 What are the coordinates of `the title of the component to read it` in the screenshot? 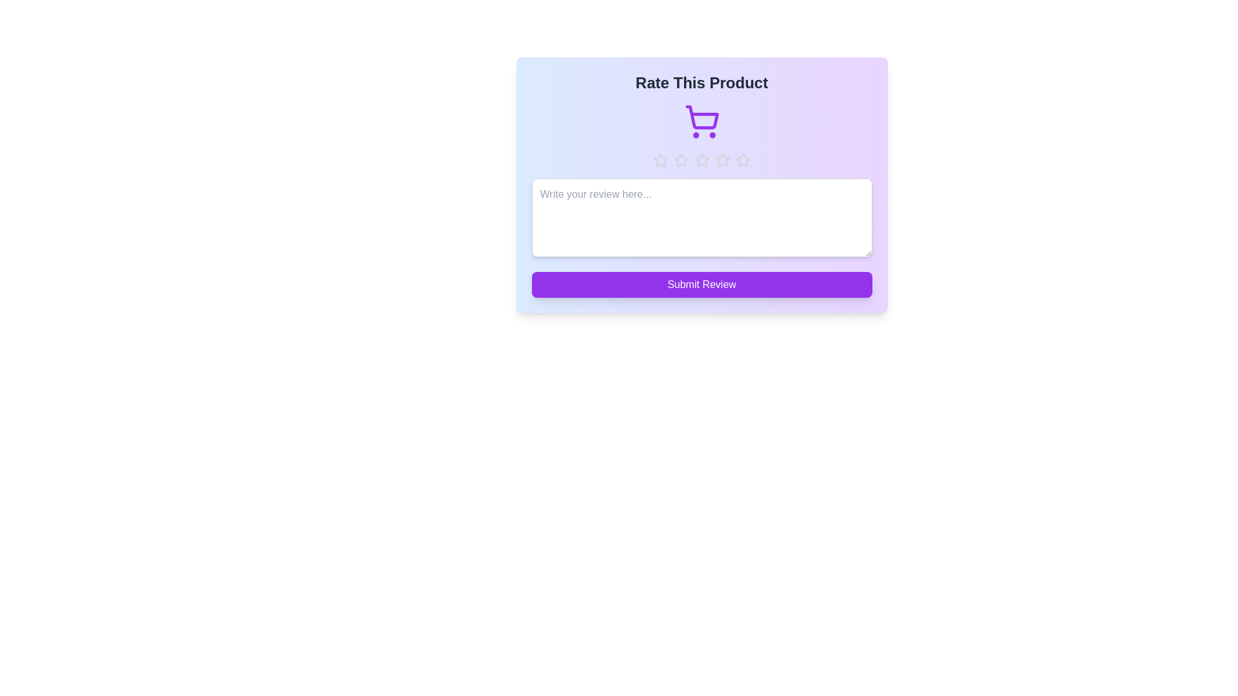 It's located at (701, 82).